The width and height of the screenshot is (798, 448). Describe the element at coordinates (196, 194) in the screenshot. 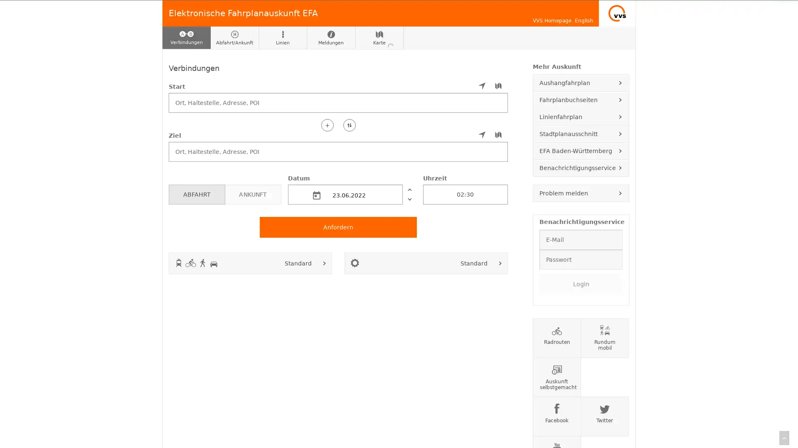

I see `ABFAHRT` at that location.